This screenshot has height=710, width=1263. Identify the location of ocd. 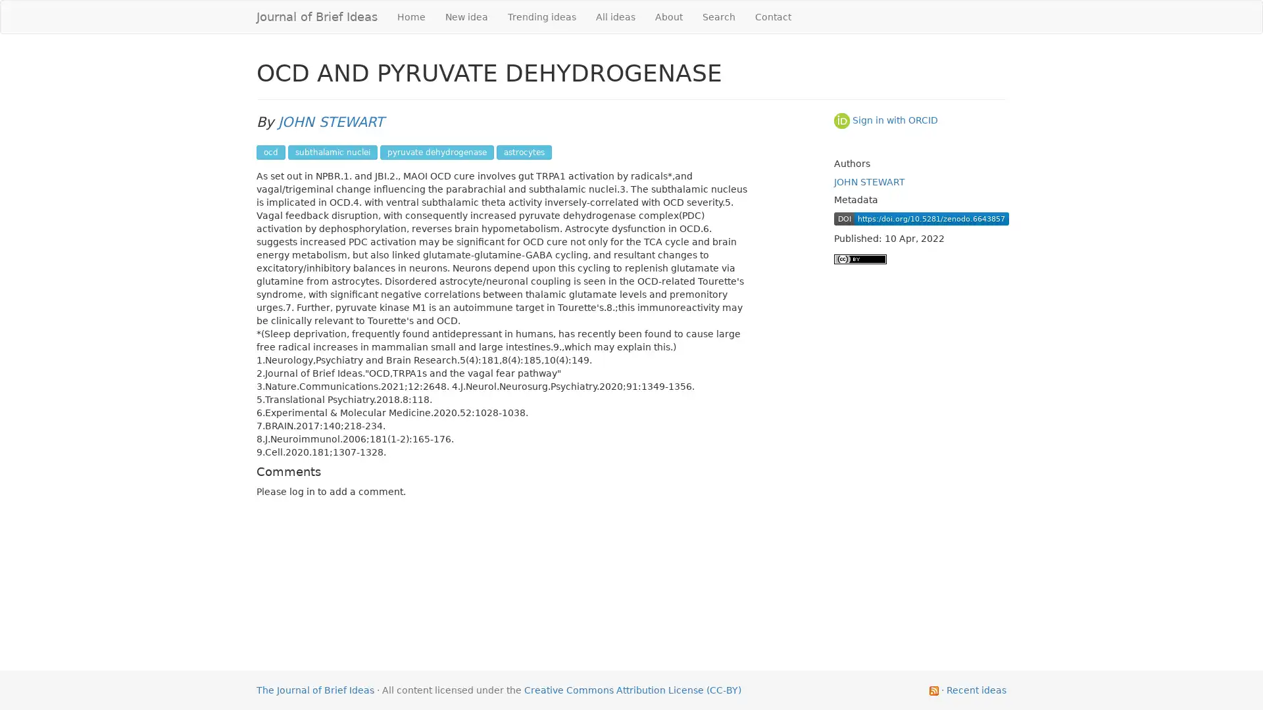
(270, 151).